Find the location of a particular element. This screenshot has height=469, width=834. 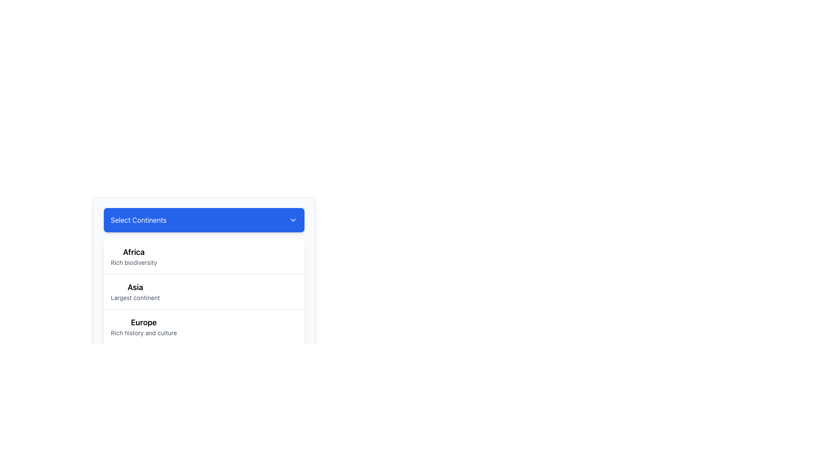

the first list item labeled 'Africa' with the description 'Rich biodiversity' is located at coordinates (204, 256).